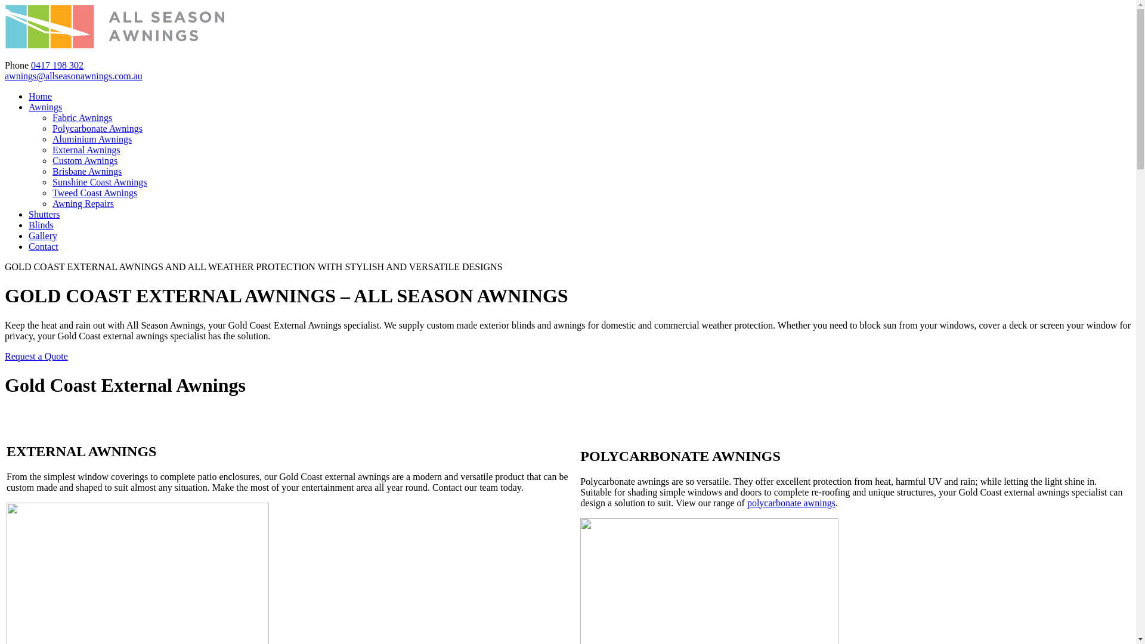 The height and width of the screenshot is (644, 1145). What do you see at coordinates (791, 503) in the screenshot?
I see `'polycarbonate awnings'` at bounding box center [791, 503].